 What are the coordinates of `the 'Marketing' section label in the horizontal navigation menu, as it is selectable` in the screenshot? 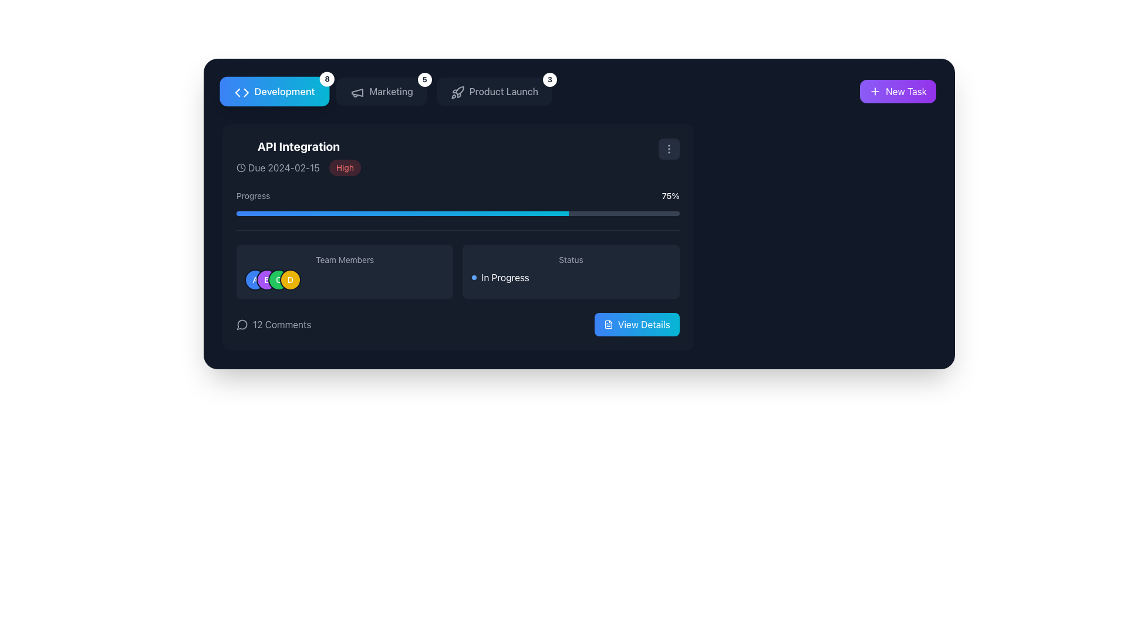 It's located at (391, 90).